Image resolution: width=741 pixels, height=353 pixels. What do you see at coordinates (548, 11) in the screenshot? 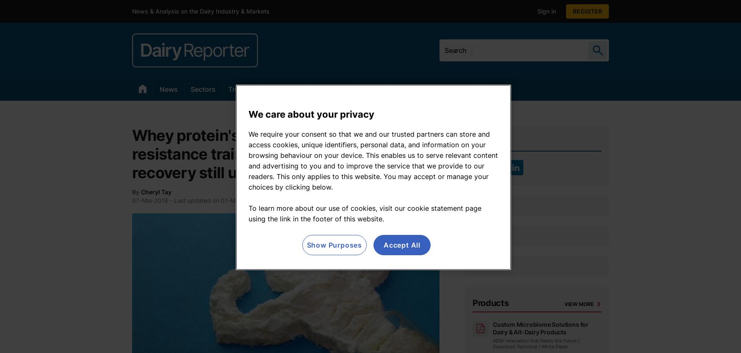
I see `'Sign out'` at bounding box center [548, 11].